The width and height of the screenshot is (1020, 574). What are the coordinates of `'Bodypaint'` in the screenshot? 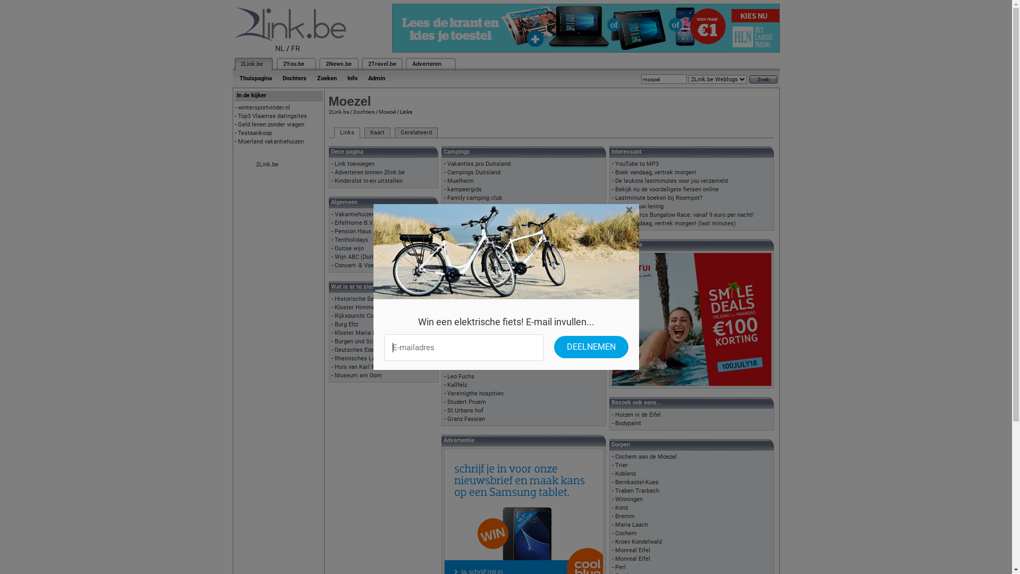 It's located at (628, 423).